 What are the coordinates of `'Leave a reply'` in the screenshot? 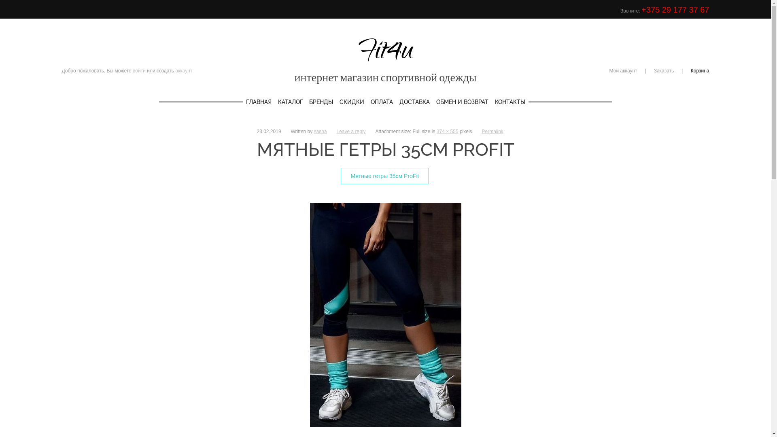 It's located at (351, 131).